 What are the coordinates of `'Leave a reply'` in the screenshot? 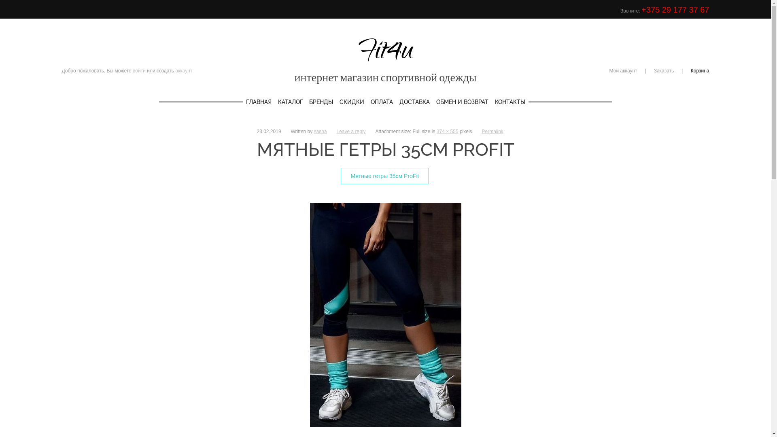 It's located at (351, 131).